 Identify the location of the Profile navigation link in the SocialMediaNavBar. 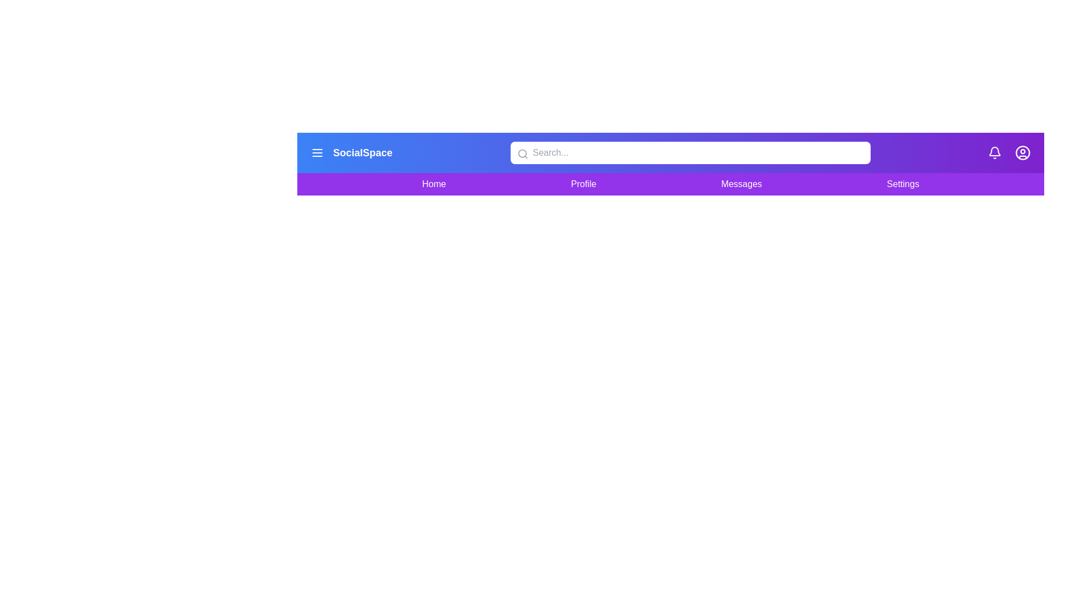
(583, 183).